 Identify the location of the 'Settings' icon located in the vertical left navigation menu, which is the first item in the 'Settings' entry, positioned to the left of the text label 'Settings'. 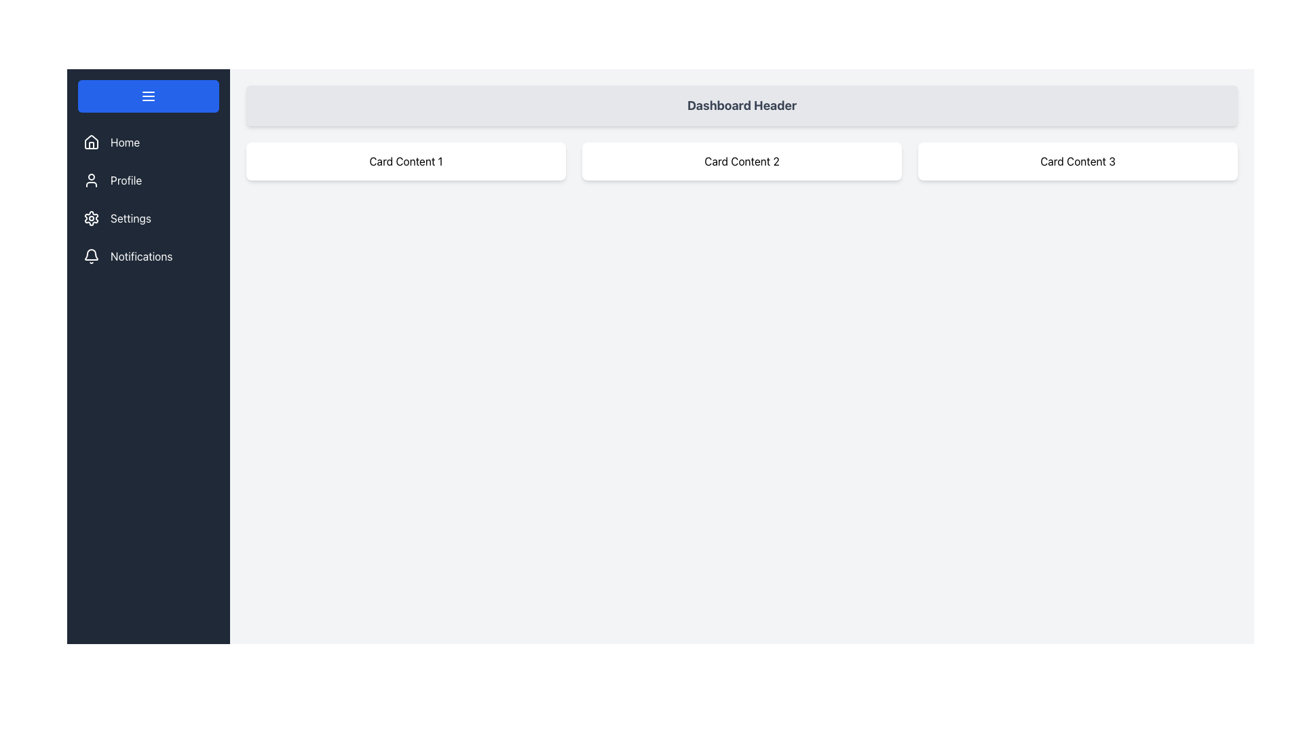
(90, 217).